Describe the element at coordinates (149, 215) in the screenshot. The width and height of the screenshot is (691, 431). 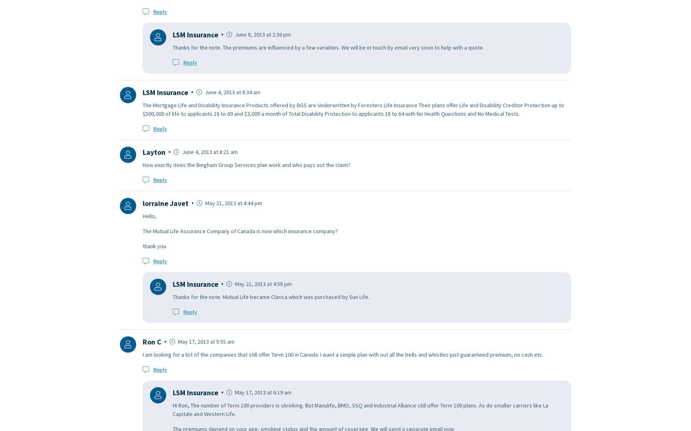
I see `'Hello,'` at that location.